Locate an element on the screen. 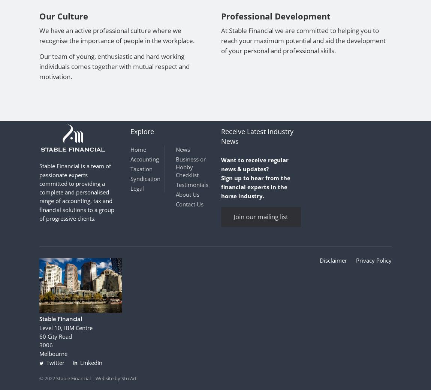  'Testimonials' is located at coordinates (192, 184).